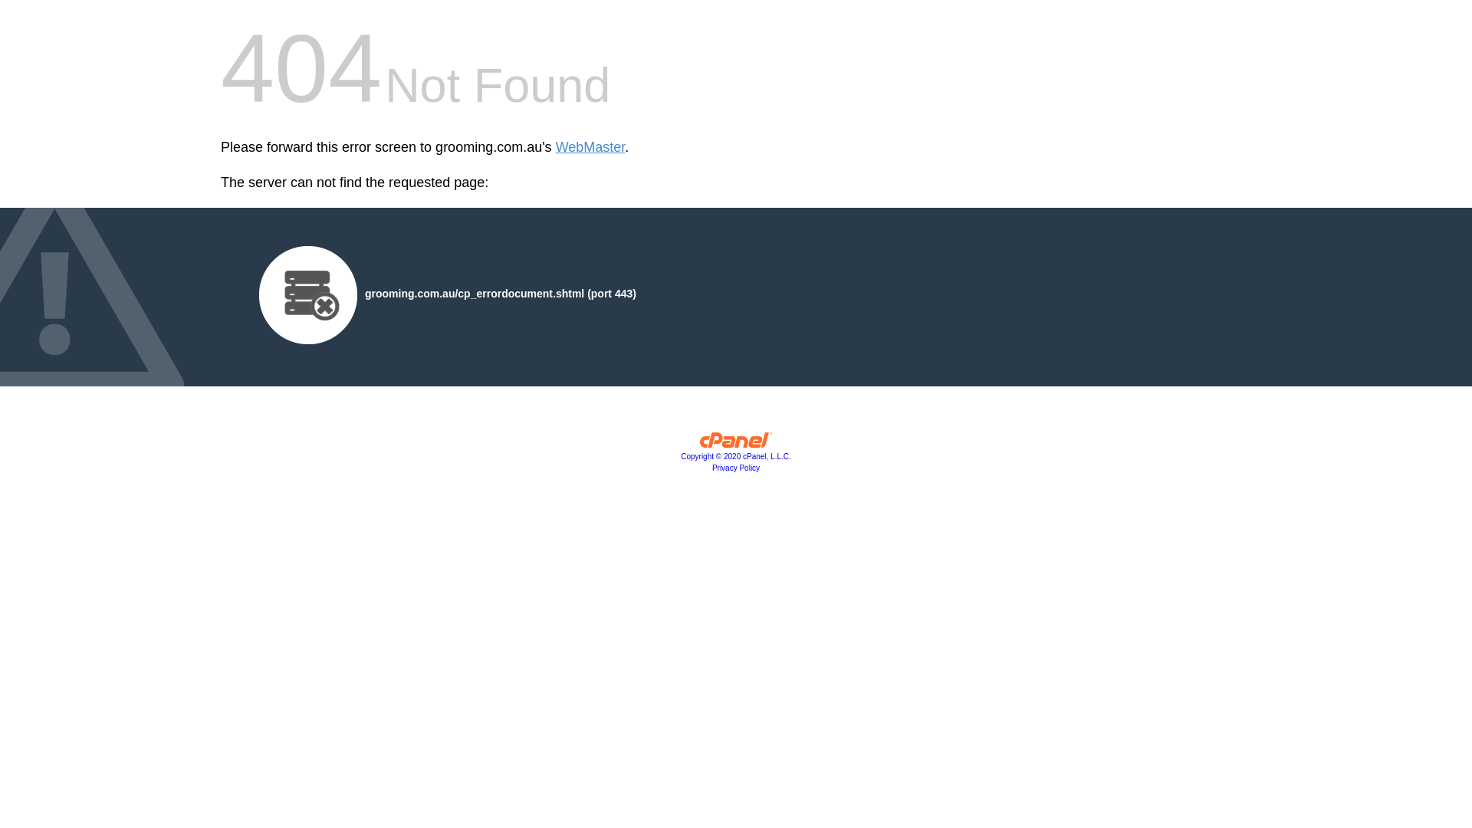 This screenshot has width=1472, height=828. What do you see at coordinates (736, 443) in the screenshot?
I see `'cPanel, Inc.'` at bounding box center [736, 443].